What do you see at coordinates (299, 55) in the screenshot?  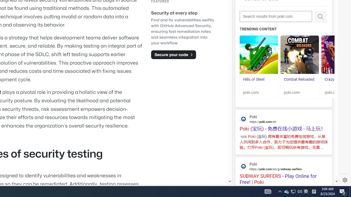 I see `'Combat Reloaded'` at bounding box center [299, 55].